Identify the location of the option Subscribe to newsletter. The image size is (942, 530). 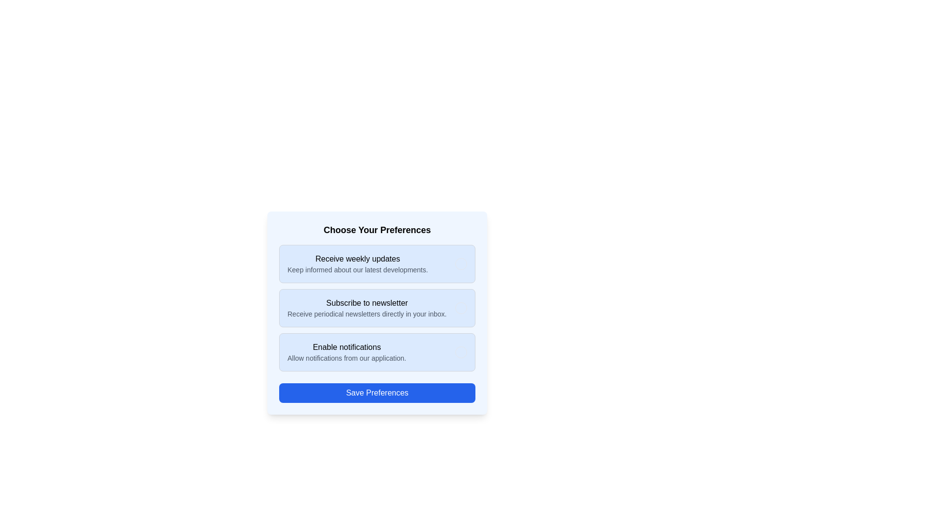
(461, 308).